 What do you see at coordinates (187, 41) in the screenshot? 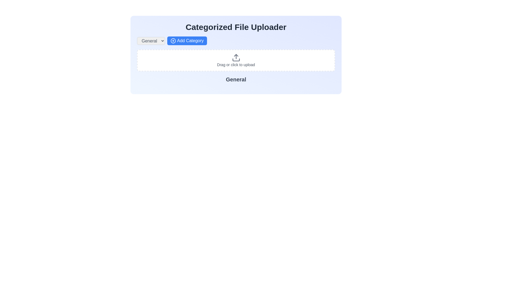
I see `the button to the right of the 'General' dropdown in the 'Categorized File Uploader' section to initiate the addition of a new category` at bounding box center [187, 41].